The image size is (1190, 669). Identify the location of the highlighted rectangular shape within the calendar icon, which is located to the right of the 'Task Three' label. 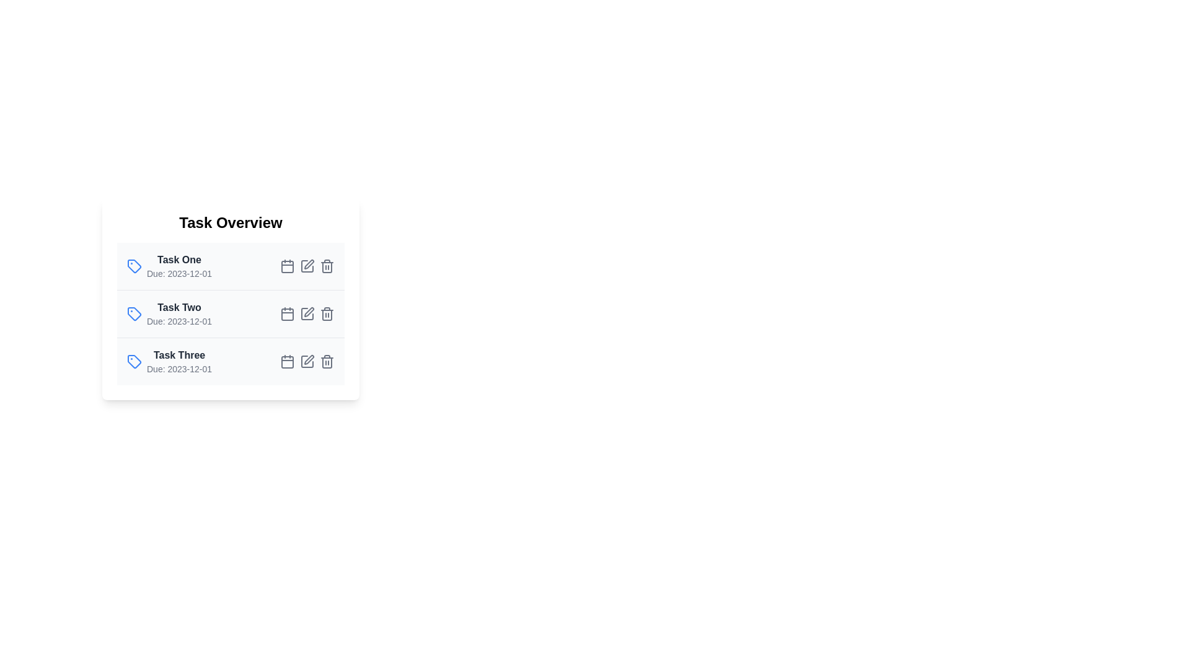
(287, 362).